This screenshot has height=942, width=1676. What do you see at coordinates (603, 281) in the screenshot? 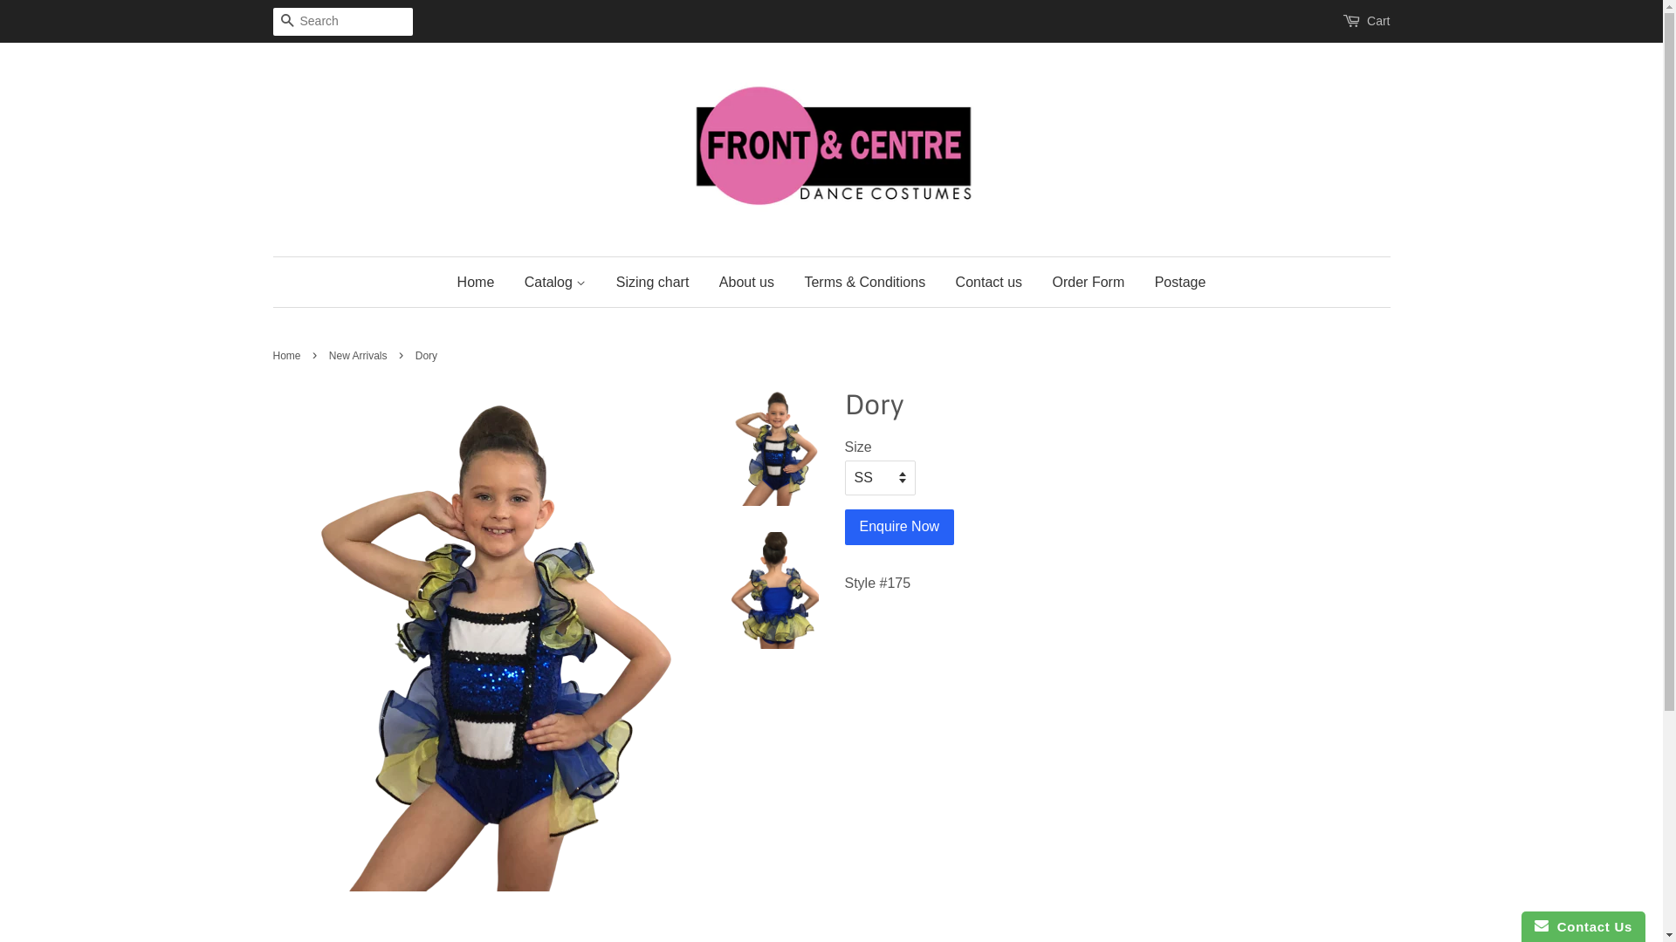
I see `'Sizing chart'` at bounding box center [603, 281].